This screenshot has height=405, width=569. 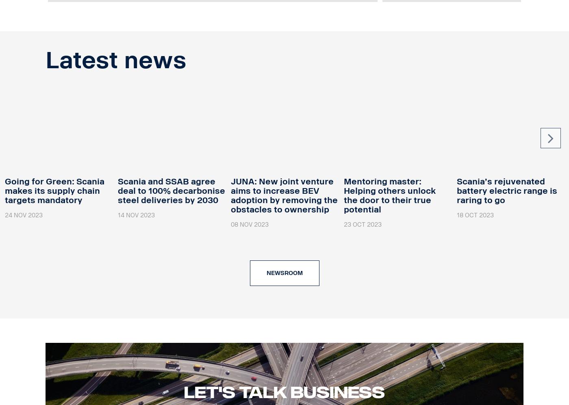 What do you see at coordinates (136, 214) in the screenshot?
I see `'14 Nov 2023'` at bounding box center [136, 214].